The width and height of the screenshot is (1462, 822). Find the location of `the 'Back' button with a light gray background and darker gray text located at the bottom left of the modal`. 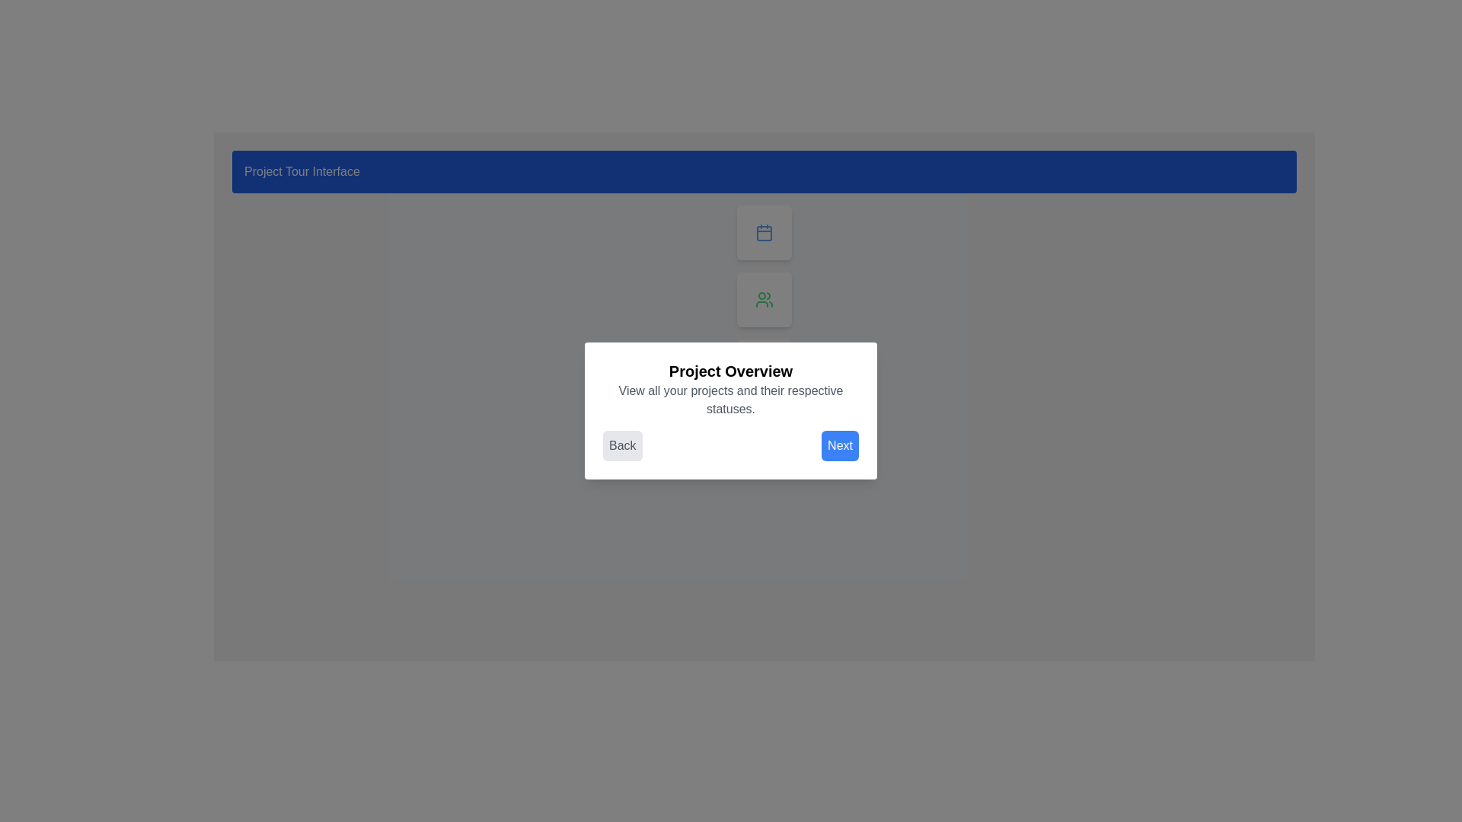

the 'Back' button with a light gray background and darker gray text located at the bottom left of the modal is located at coordinates (622, 445).